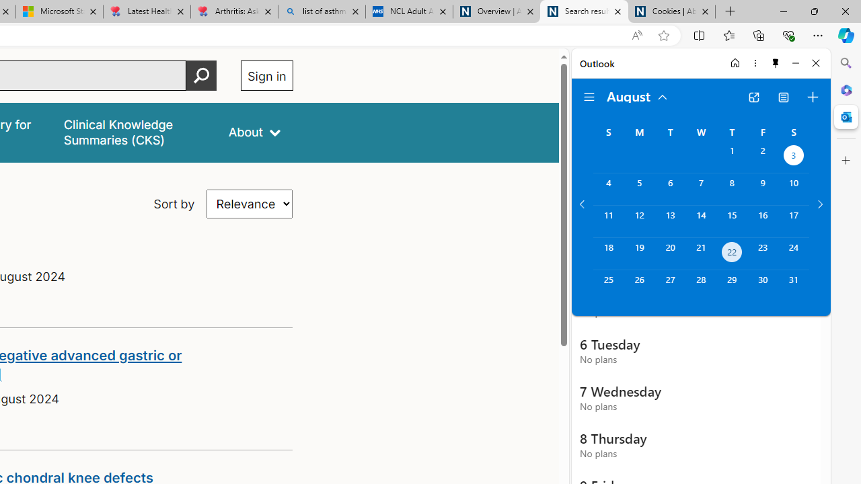 The image size is (861, 484). Describe the element at coordinates (731, 220) in the screenshot. I see `'Thursday, August 15, 2024. '` at that location.